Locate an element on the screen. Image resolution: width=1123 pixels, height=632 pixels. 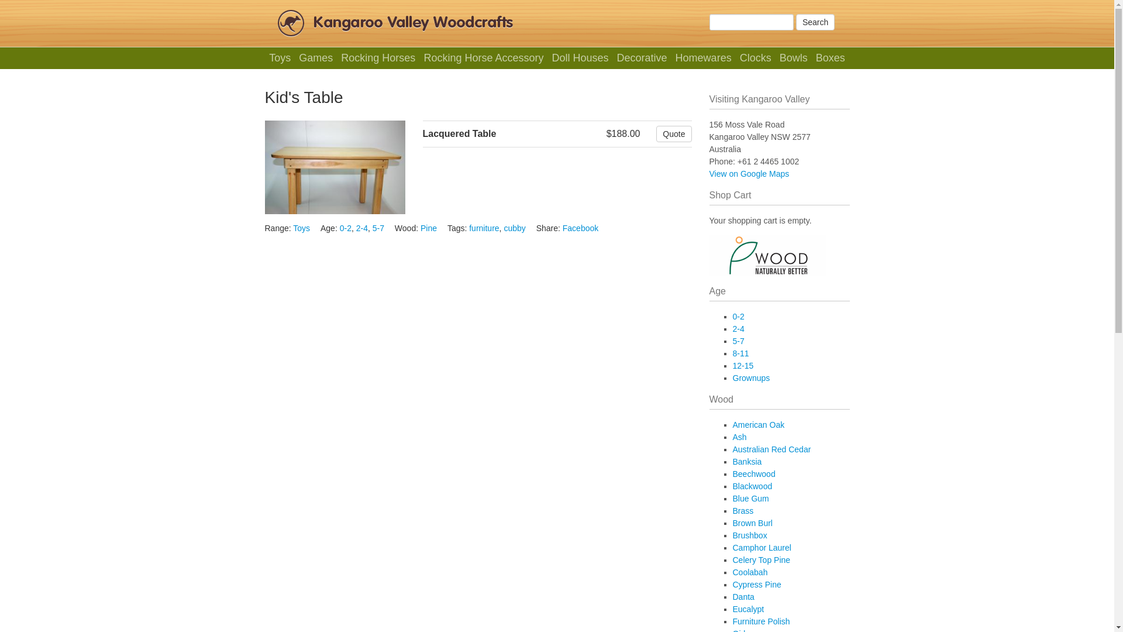
'Brass' is located at coordinates (742, 510).